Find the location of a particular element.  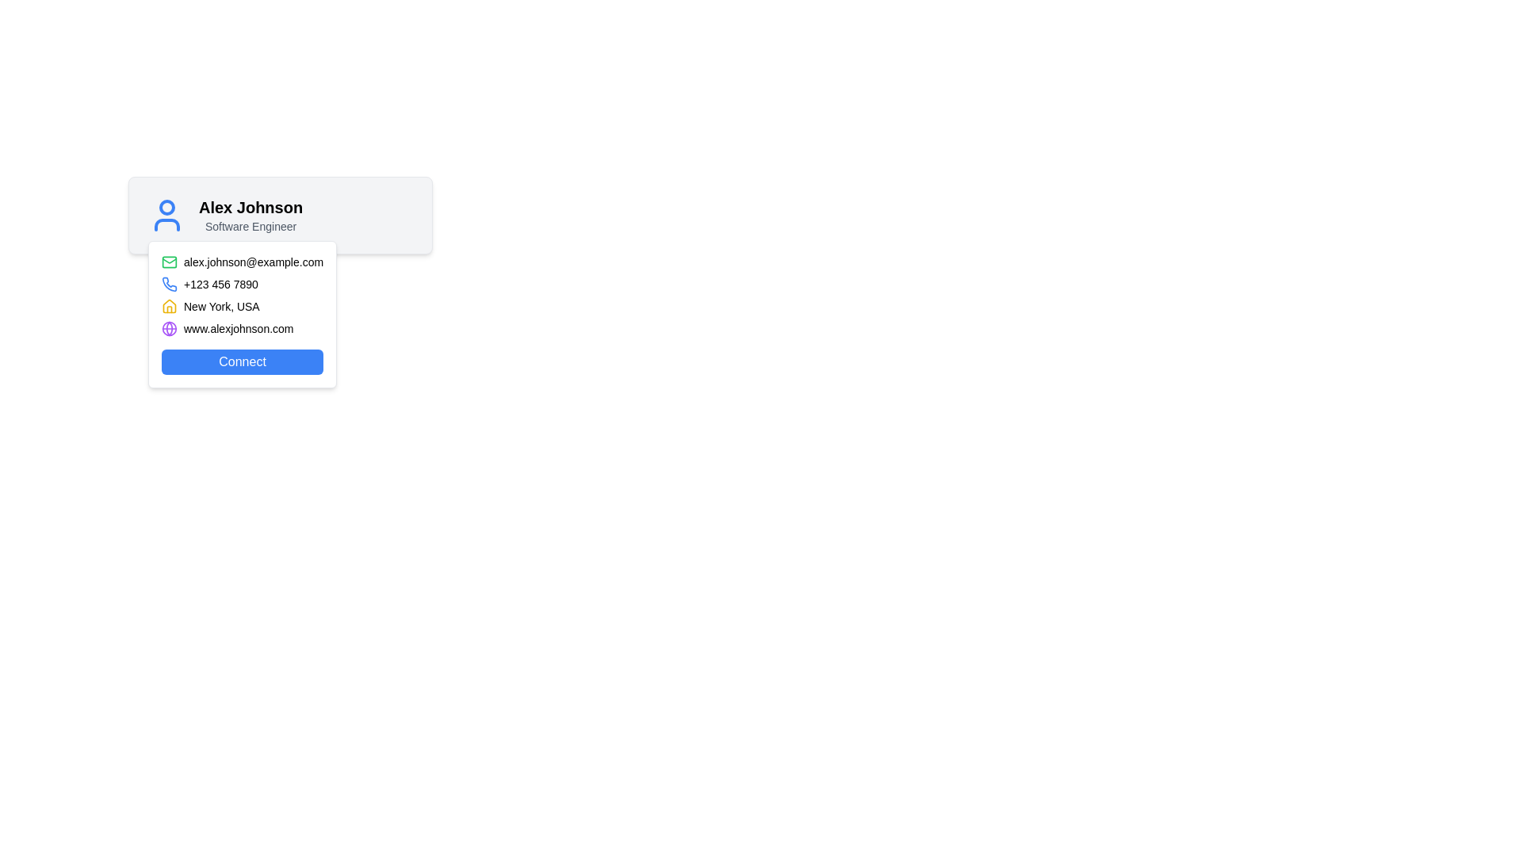

the phone number in the Information Display Component to initiate a call is located at coordinates (242, 315).